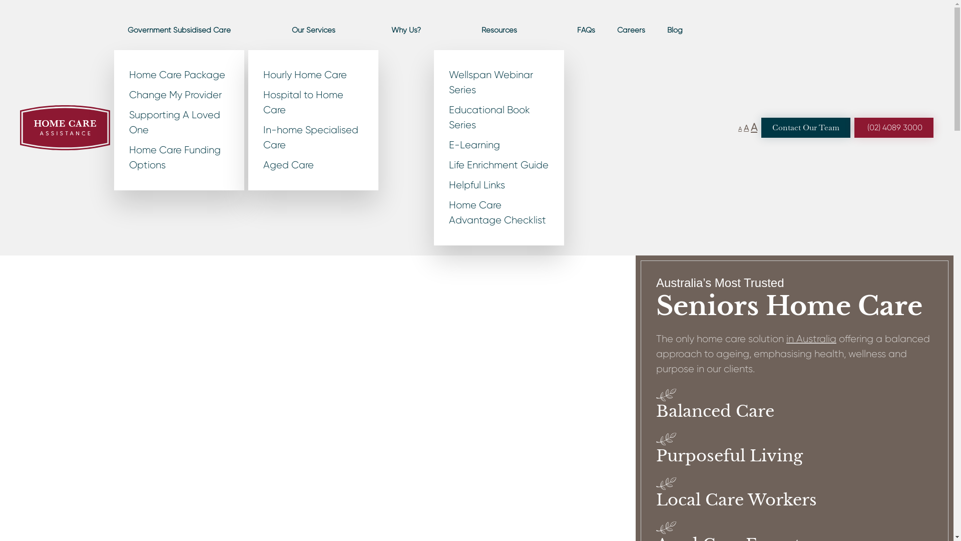  Describe the element at coordinates (114, 30) in the screenshot. I see `'Government Subsidised Care'` at that location.